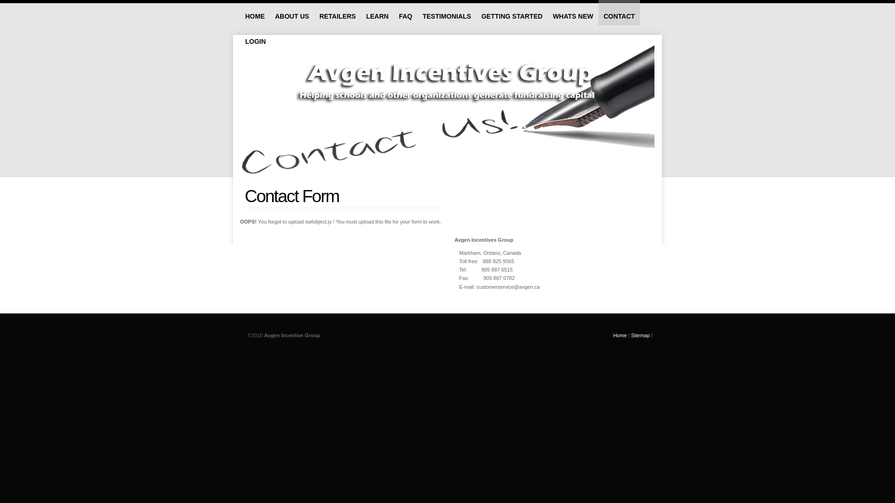 The image size is (895, 503). Describe the element at coordinates (619, 13) in the screenshot. I see `'CONTACT'` at that location.